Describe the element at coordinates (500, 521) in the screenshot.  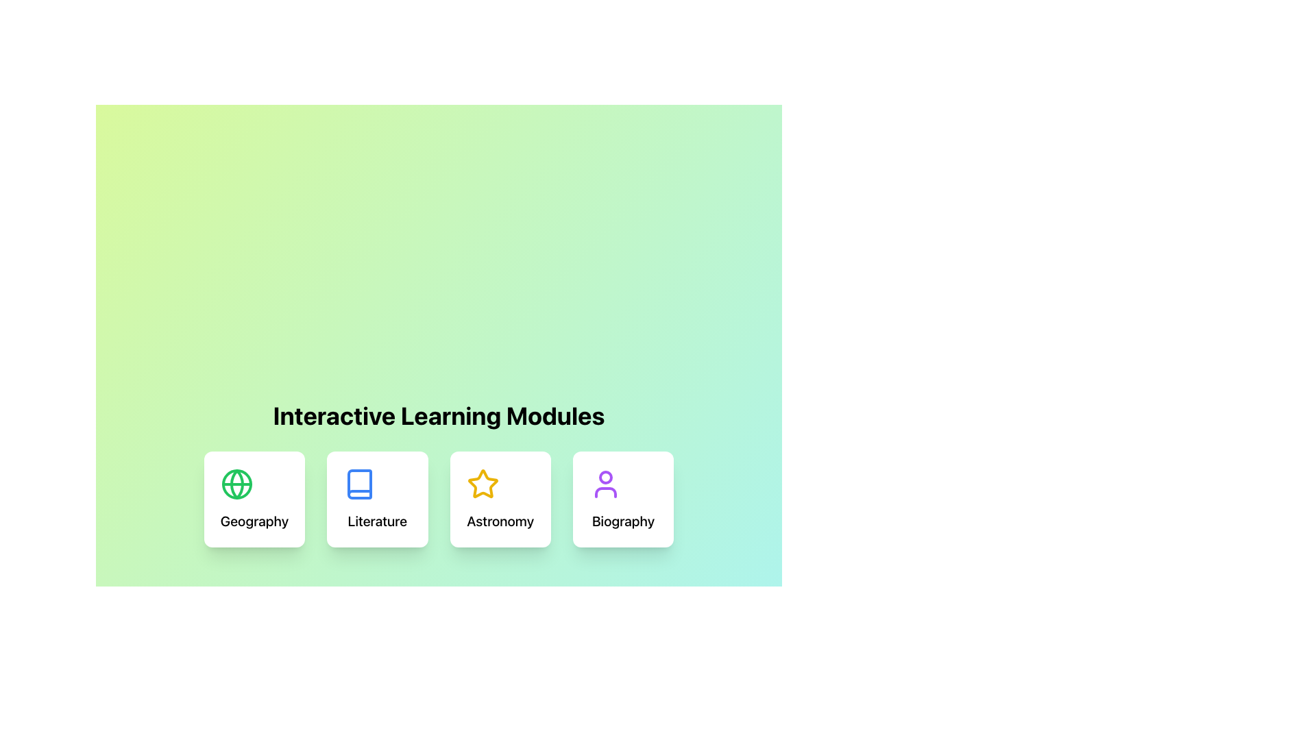
I see `text label that indicates the card relates to Astronomy, which is positioned below the star icon in the third card of the 'Interactive Learning Modules' section` at that location.